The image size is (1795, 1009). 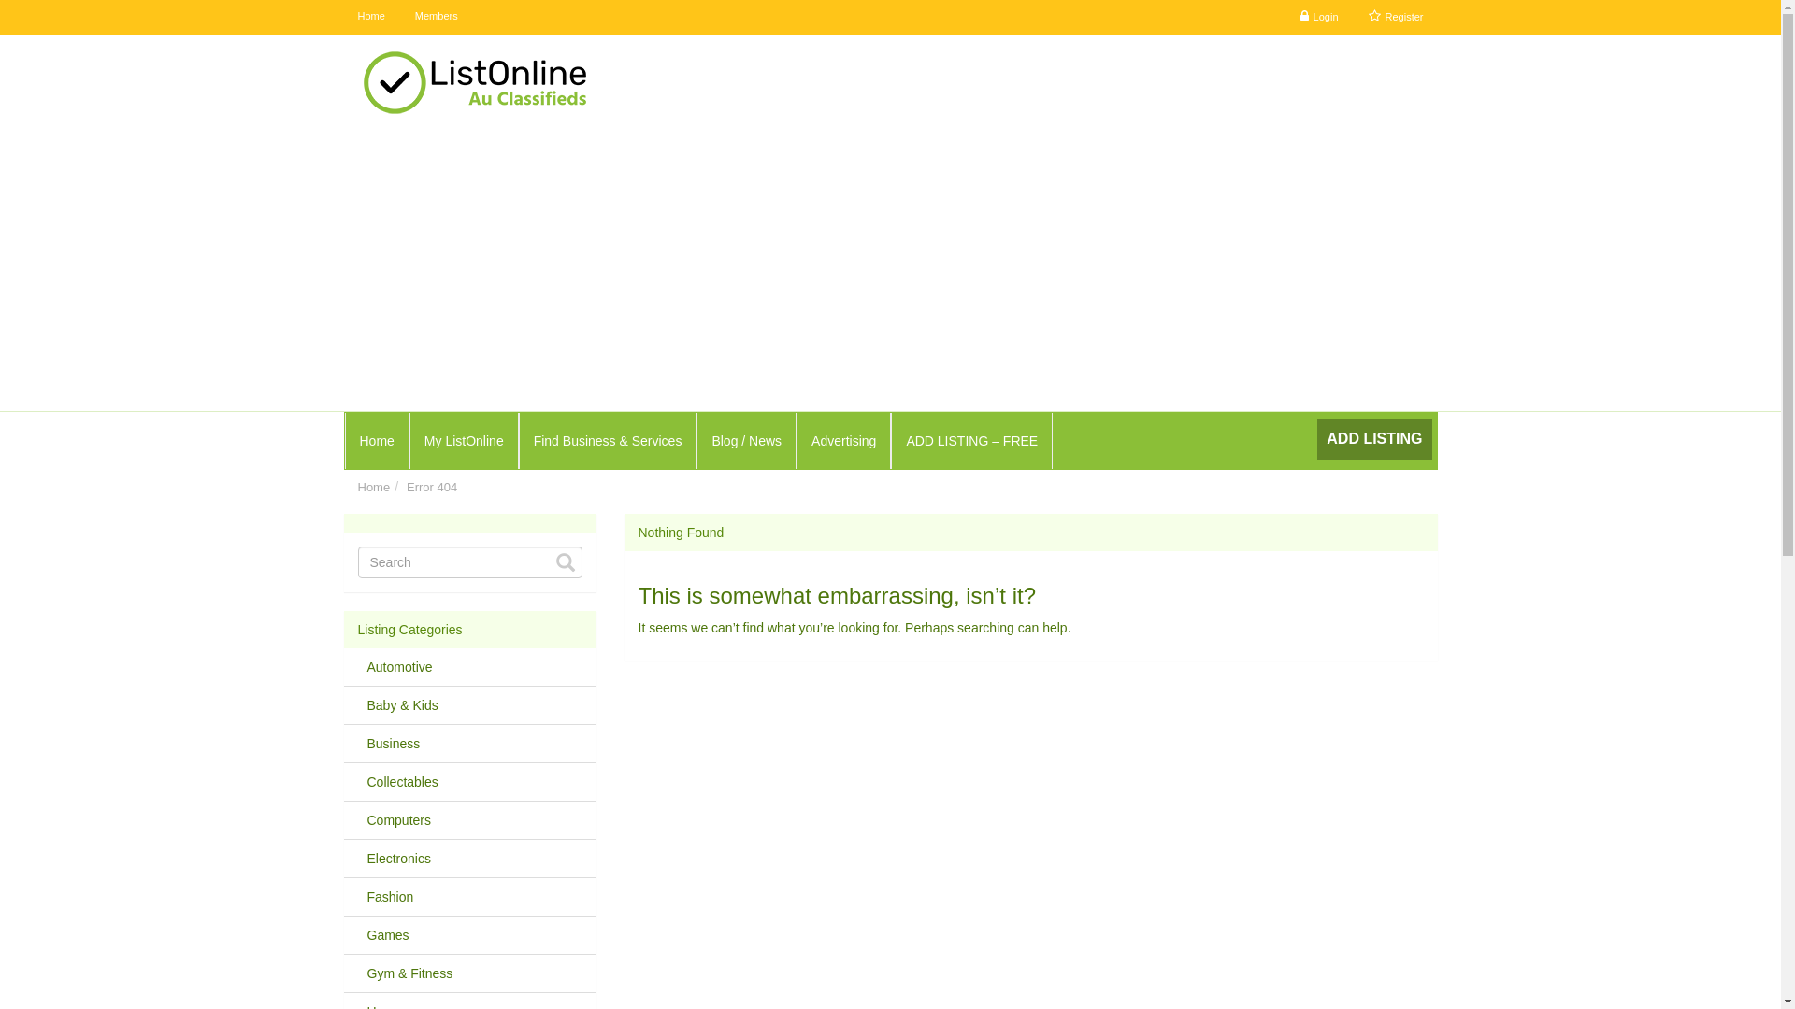 I want to click on 'Home', so click(x=371, y=17).